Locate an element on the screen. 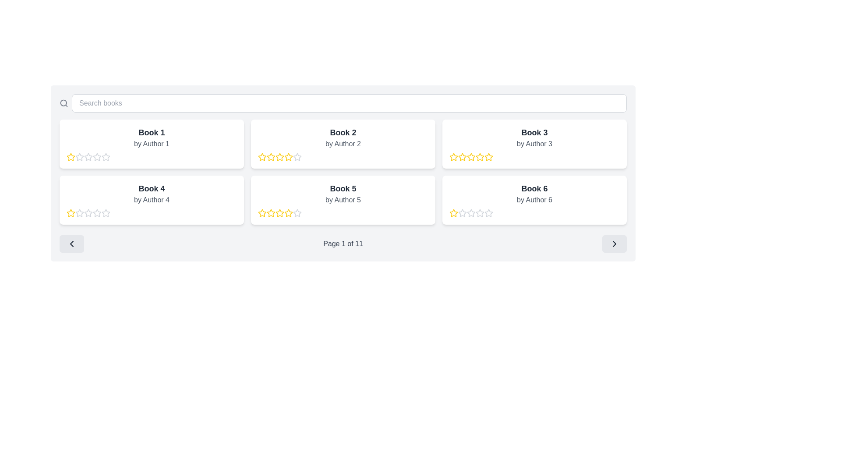  the partially filled star icon in the 5-star rating system for 'Book 2 by Author 2' is located at coordinates (271, 156).